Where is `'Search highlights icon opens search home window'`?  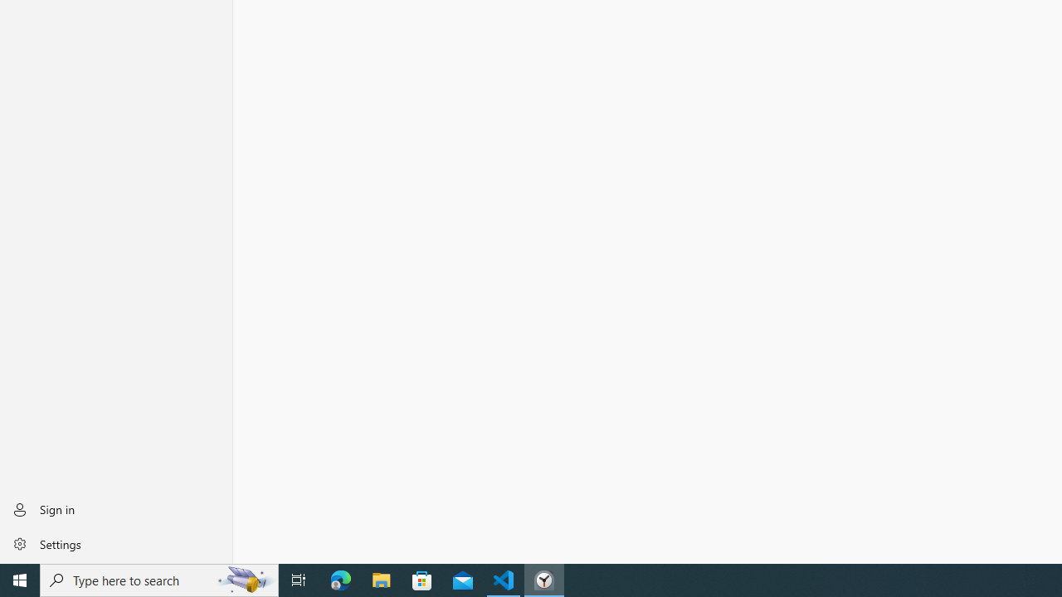
'Search highlights icon opens search home window' is located at coordinates (244, 579).